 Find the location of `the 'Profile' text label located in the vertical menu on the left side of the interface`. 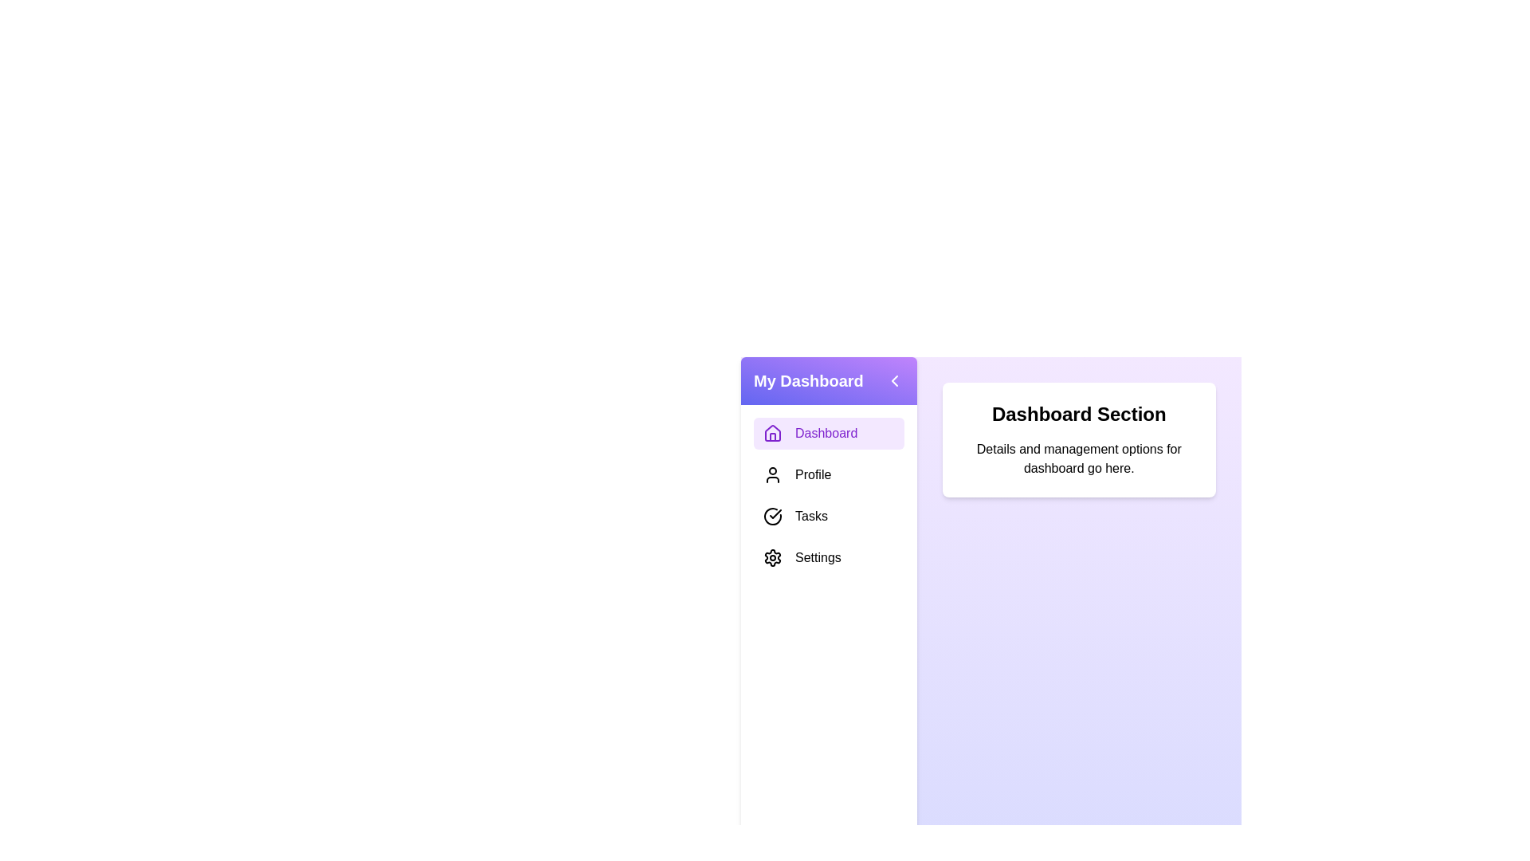

the 'Profile' text label located in the vertical menu on the left side of the interface is located at coordinates (813, 474).